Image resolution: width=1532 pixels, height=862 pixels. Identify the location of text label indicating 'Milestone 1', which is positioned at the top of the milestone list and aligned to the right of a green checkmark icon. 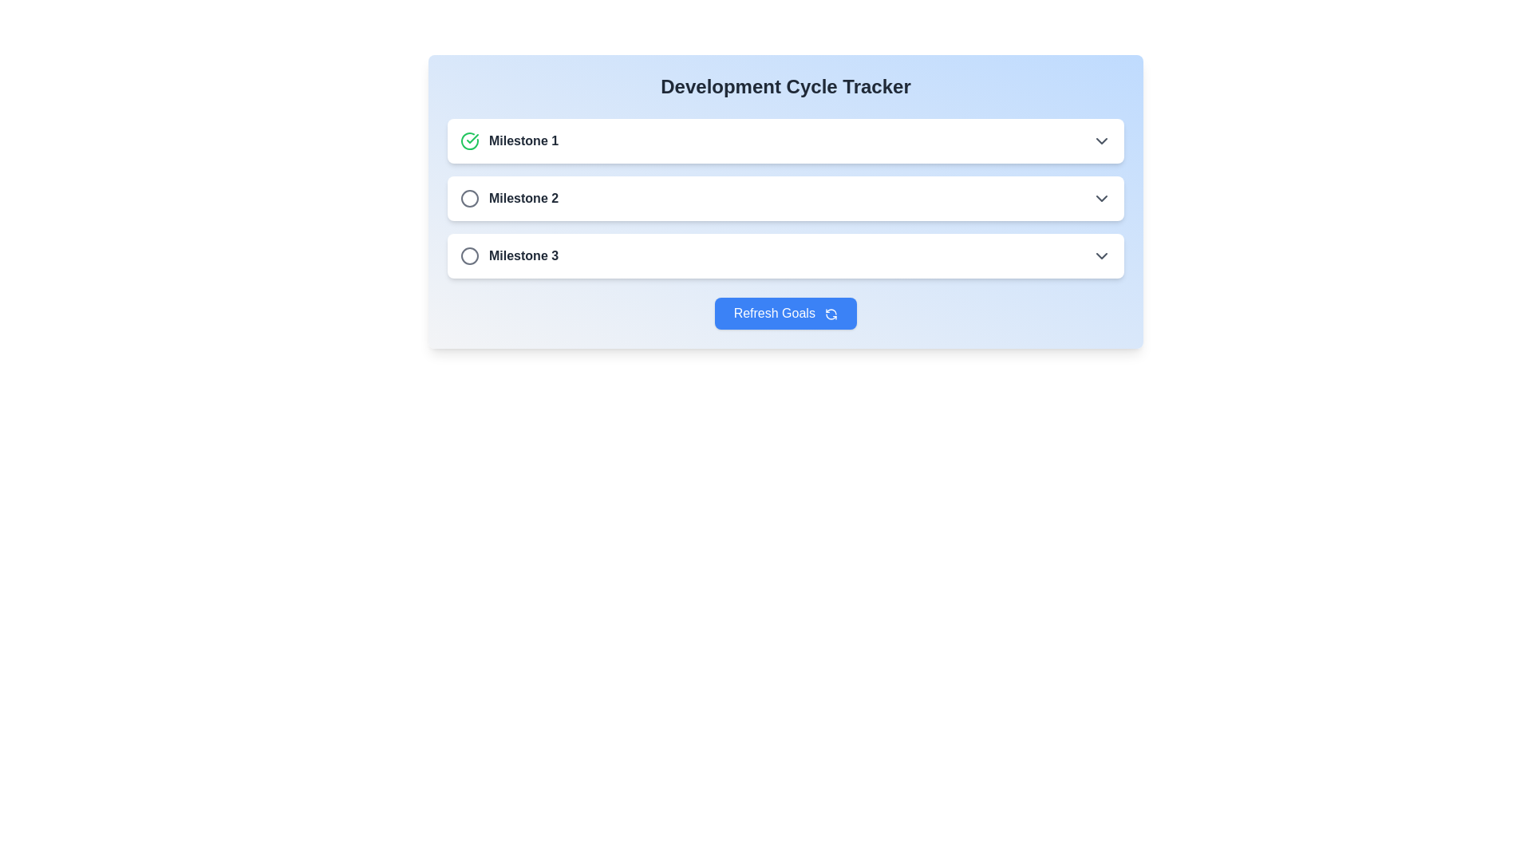
(523, 140).